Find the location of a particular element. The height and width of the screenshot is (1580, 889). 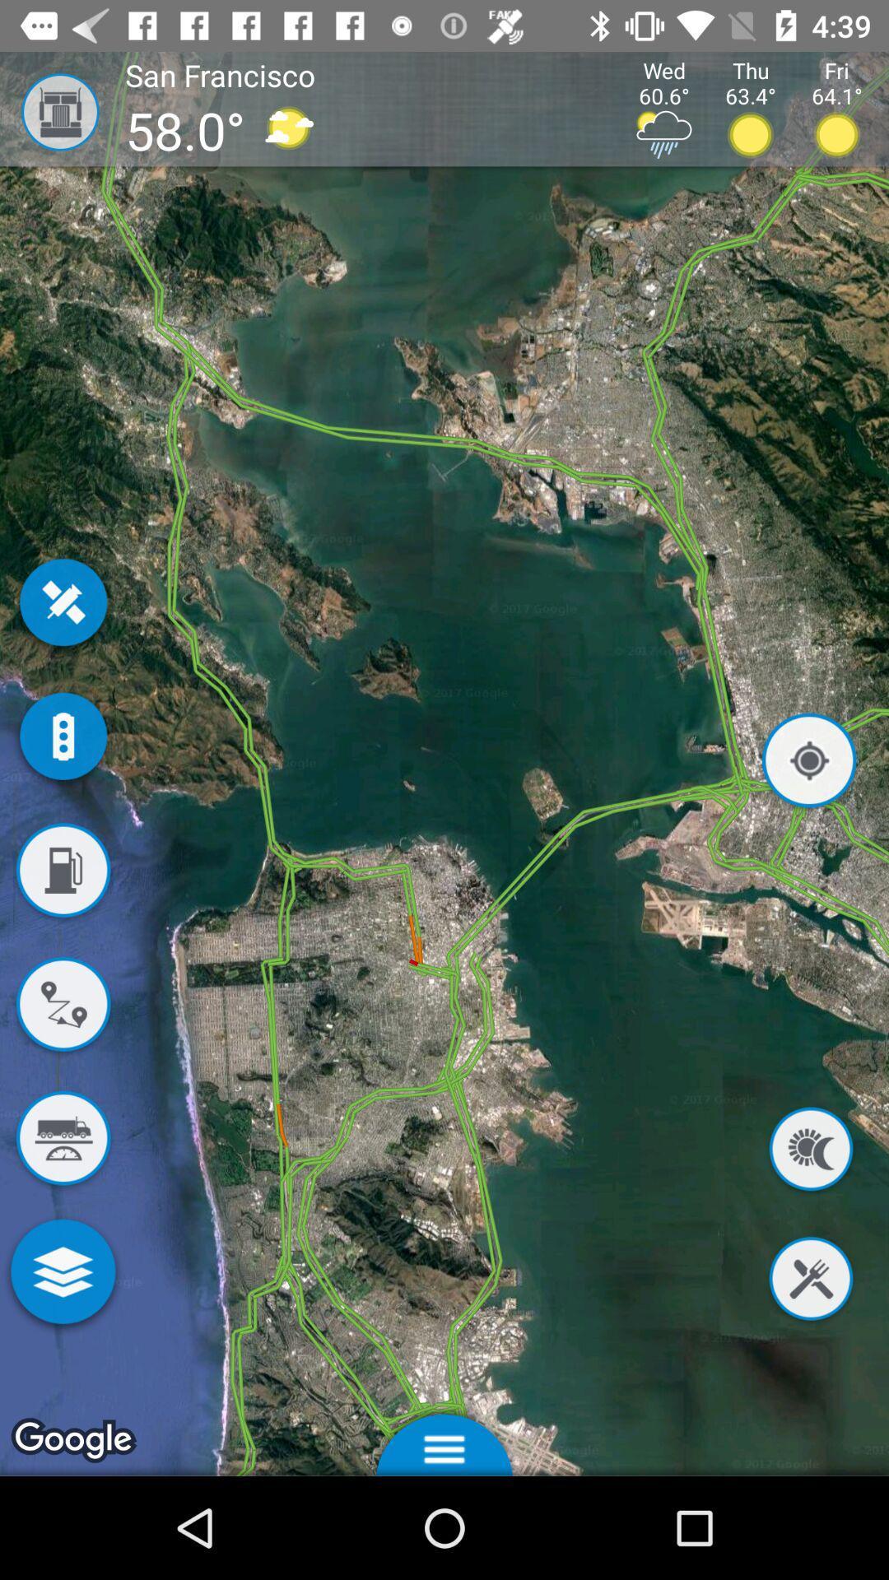

show gas stations is located at coordinates (62, 872).